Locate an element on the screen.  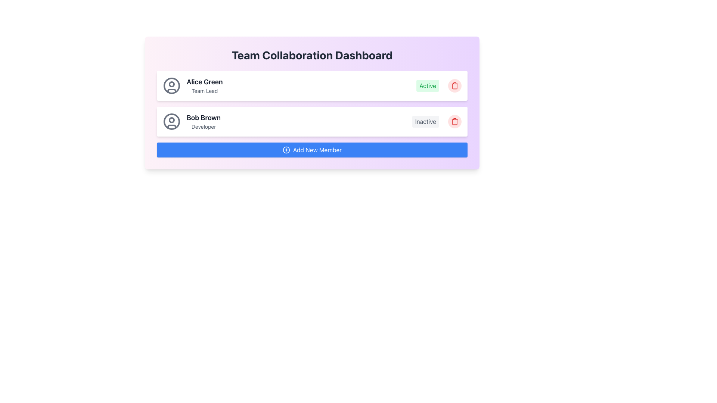
the text label displaying 'Bob Brown' in bold font, located at the top of its card which is the second in a vertical list of cards is located at coordinates (204, 118).